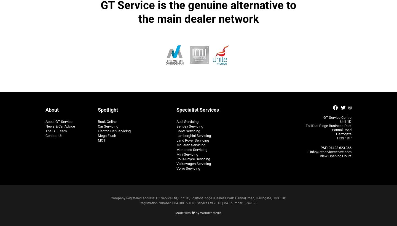 Image resolution: width=397 pixels, height=226 pixels. I want to click on 'Land Rover Servicing', so click(192, 140).